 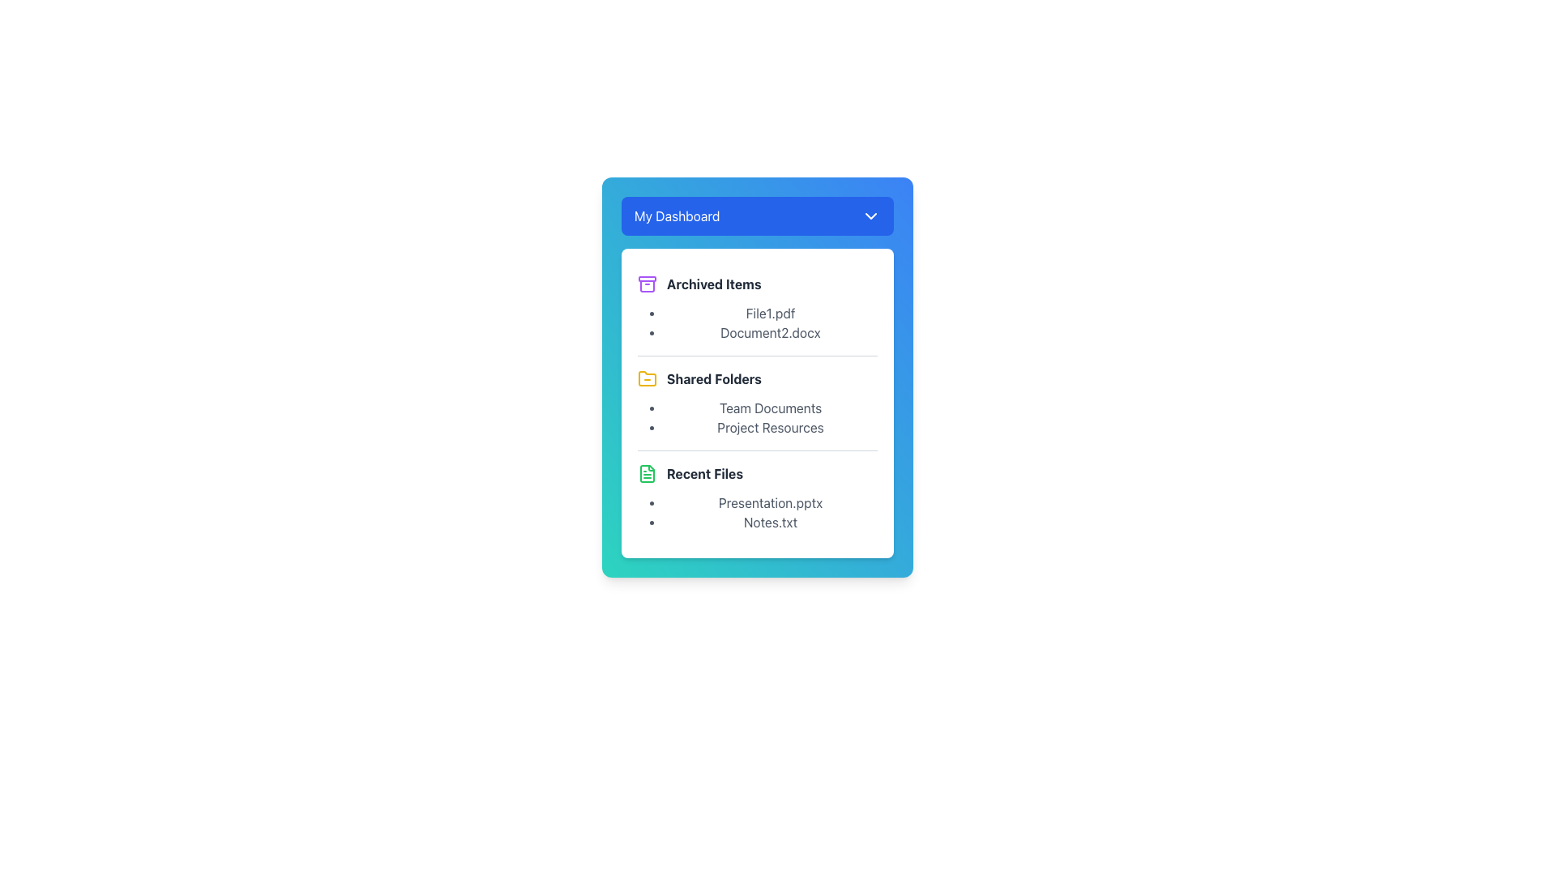 What do you see at coordinates (704, 474) in the screenshot?
I see `the 'Recent Files' text label, which is styled in bold gray font and is located below the 'Shared Folders' label and icon` at bounding box center [704, 474].